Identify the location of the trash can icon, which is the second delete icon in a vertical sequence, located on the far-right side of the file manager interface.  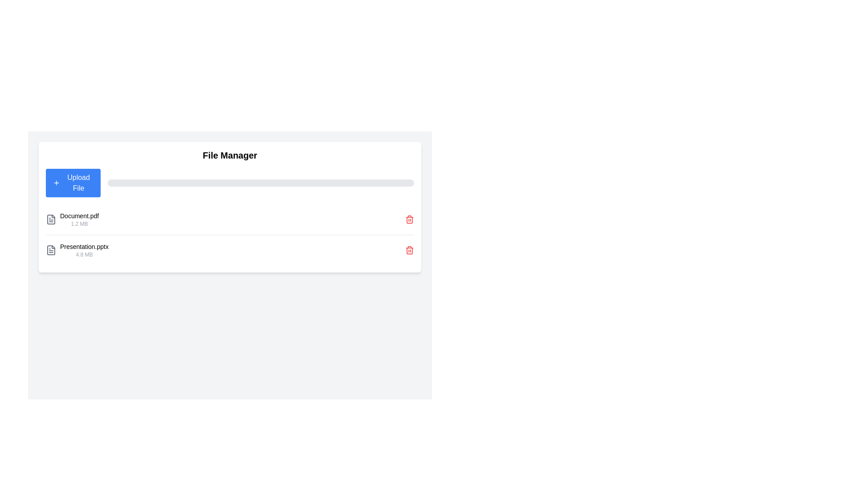
(409, 251).